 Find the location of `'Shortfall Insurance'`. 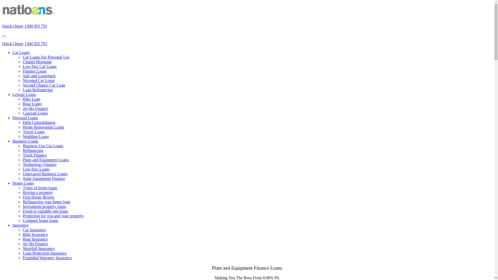

'Shortfall Insurance' is located at coordinates (22, 248).